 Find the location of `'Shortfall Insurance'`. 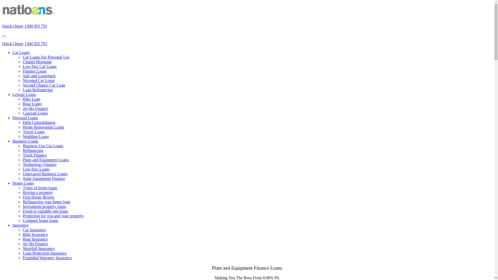

'Shortfall Insurance' is located at coordinates (22, 248).